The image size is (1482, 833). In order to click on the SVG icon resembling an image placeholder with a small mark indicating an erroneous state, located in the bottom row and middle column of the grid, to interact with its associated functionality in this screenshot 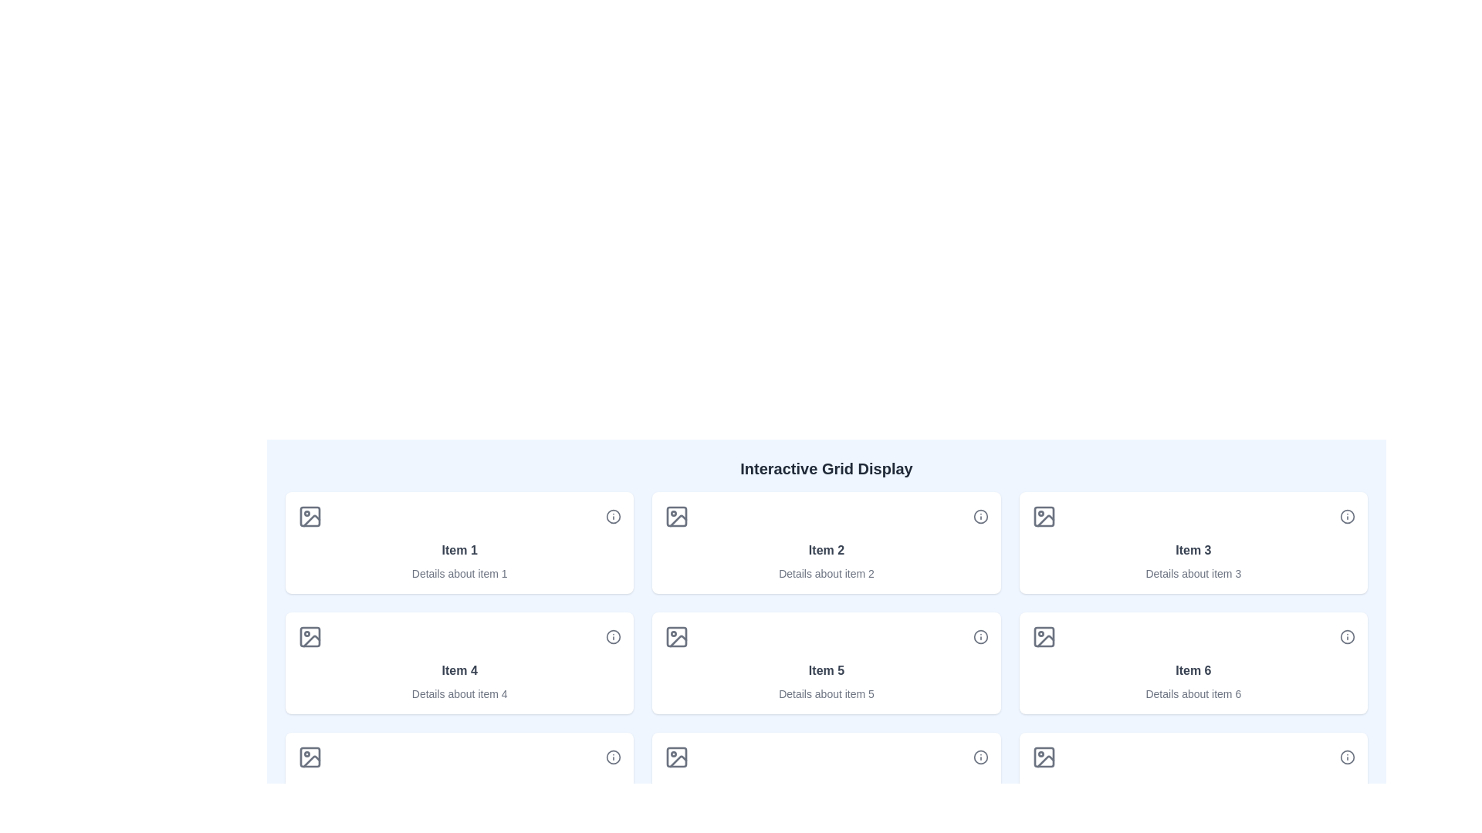, I will do `click(678, 760)`.